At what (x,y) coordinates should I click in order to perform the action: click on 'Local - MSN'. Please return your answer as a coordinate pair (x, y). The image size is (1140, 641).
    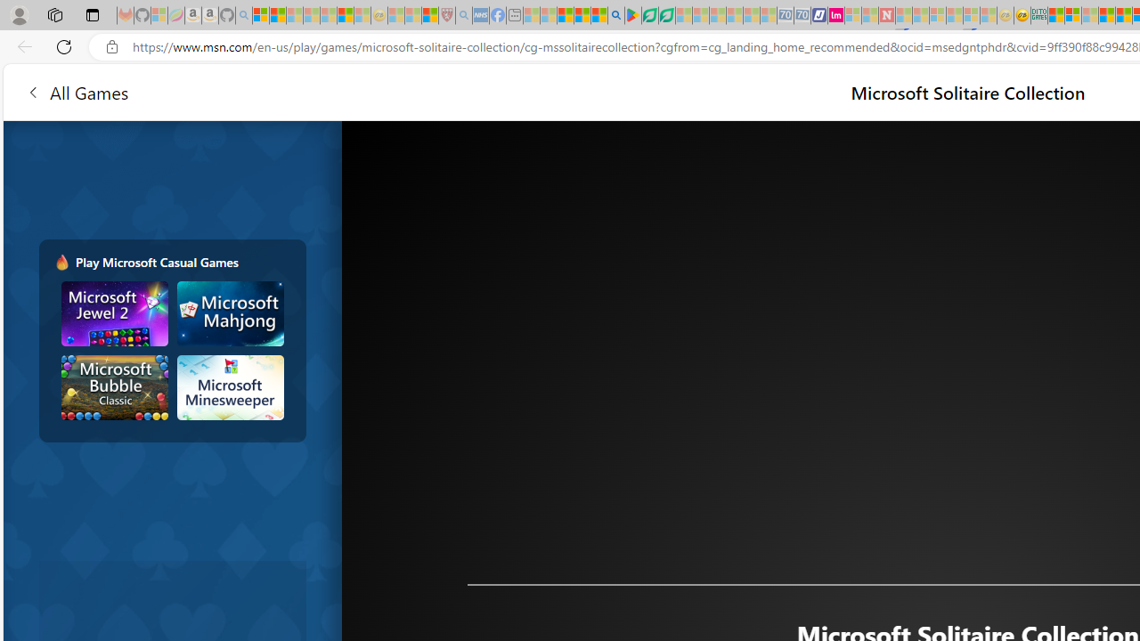
    Looking at the image, I should click on (429, 15).